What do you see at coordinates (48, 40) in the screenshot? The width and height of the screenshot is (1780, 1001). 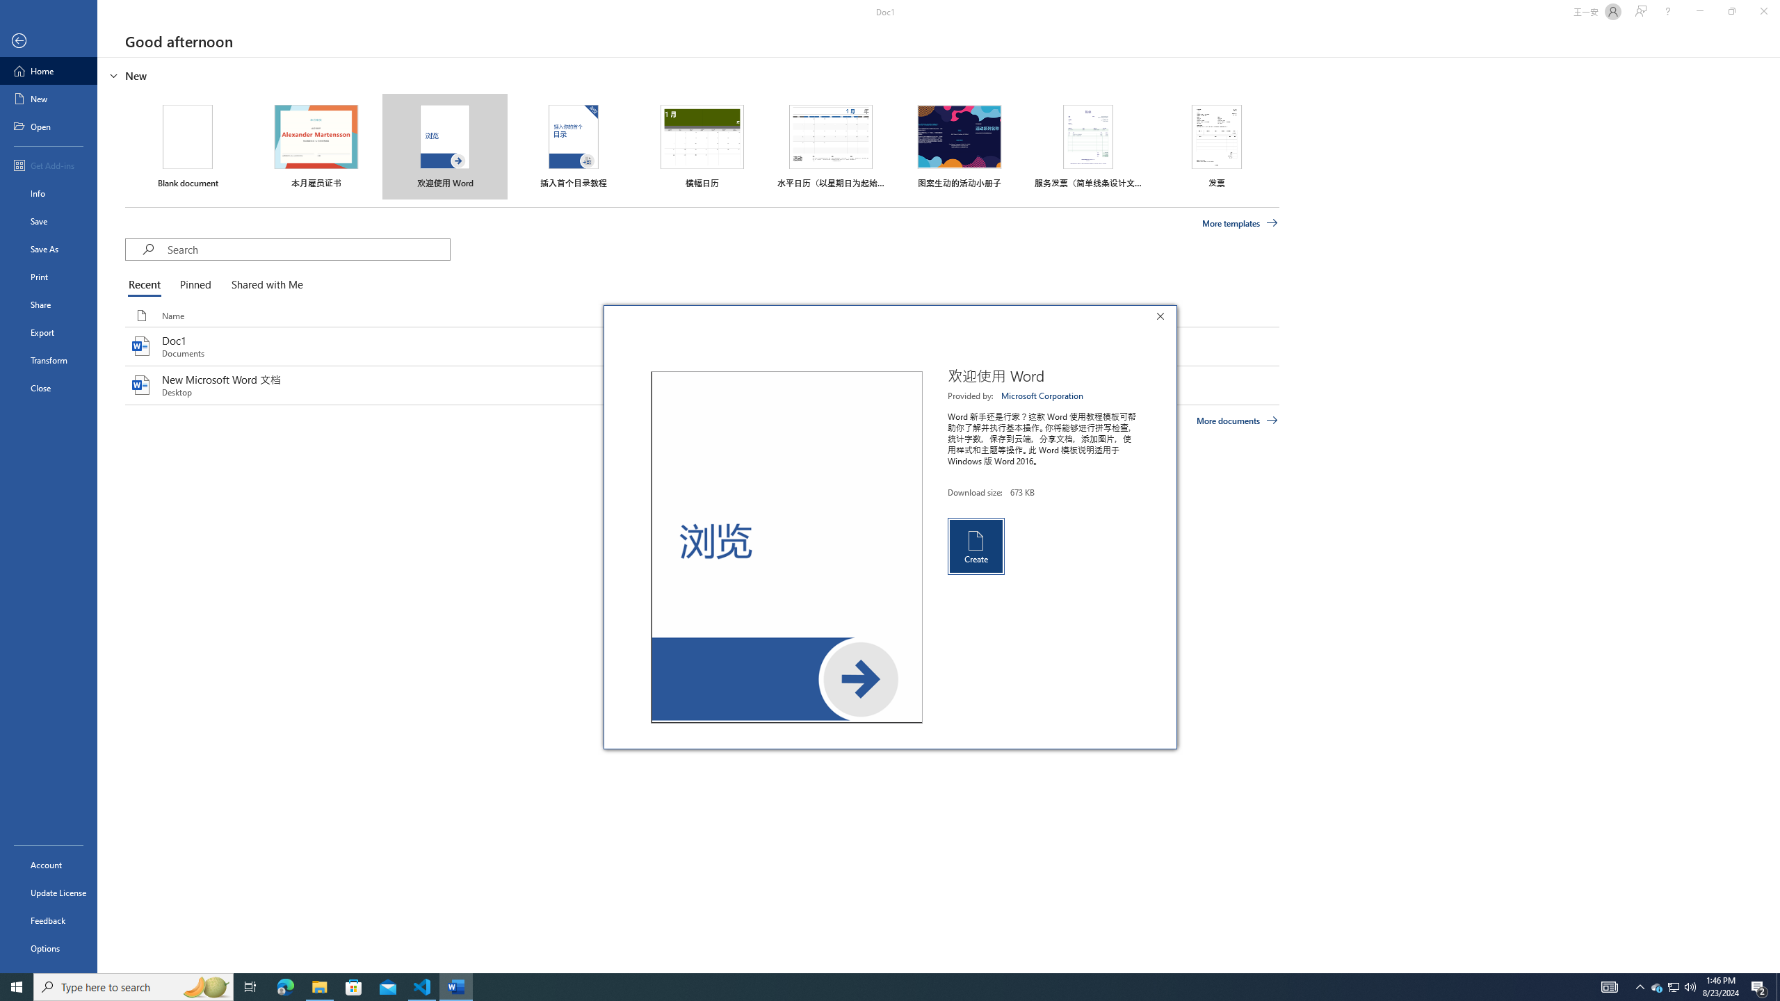 I see `'Back'` at bounding box center [48, 40].